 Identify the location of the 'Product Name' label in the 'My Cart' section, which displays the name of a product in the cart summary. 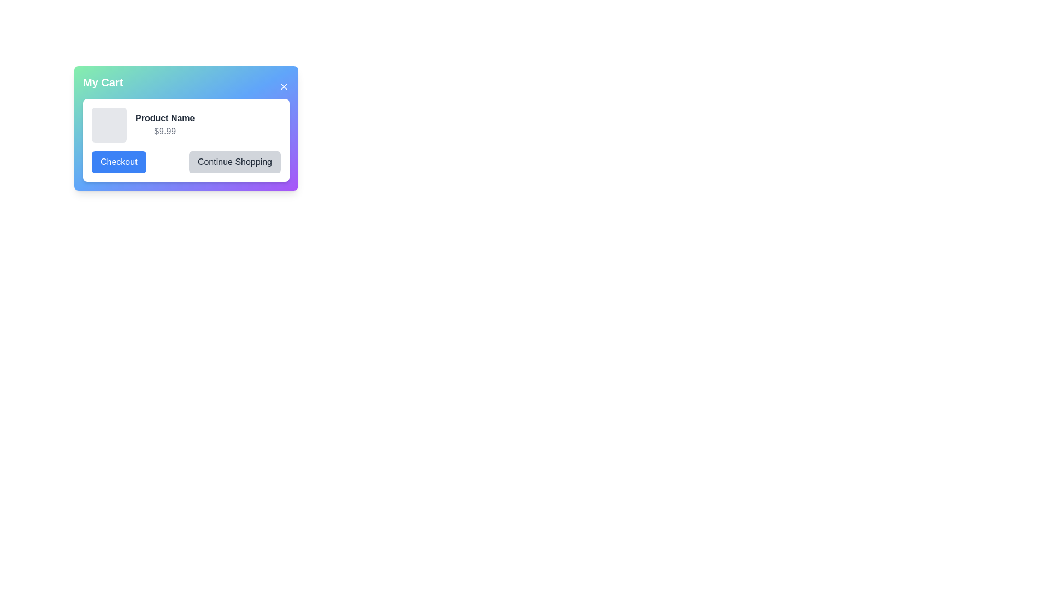
(164, 118).